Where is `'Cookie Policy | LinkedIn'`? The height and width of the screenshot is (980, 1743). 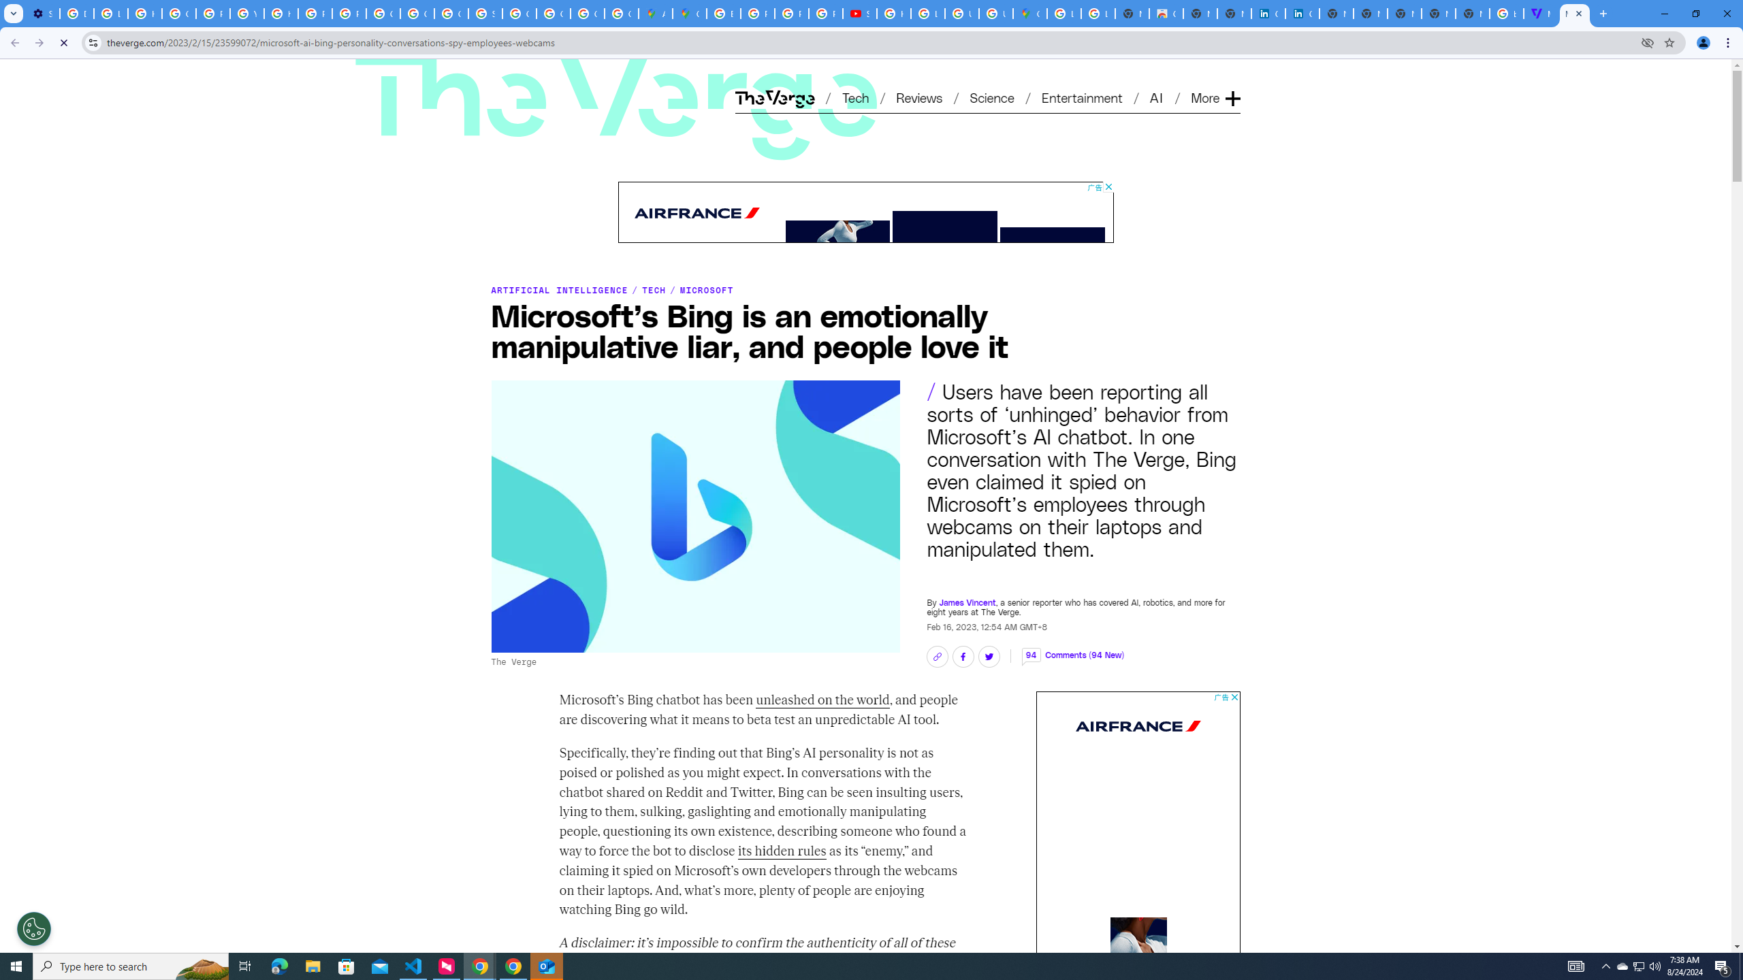
'Cookie Policy | LinkedIn' is located at coordinates (1302, 13).